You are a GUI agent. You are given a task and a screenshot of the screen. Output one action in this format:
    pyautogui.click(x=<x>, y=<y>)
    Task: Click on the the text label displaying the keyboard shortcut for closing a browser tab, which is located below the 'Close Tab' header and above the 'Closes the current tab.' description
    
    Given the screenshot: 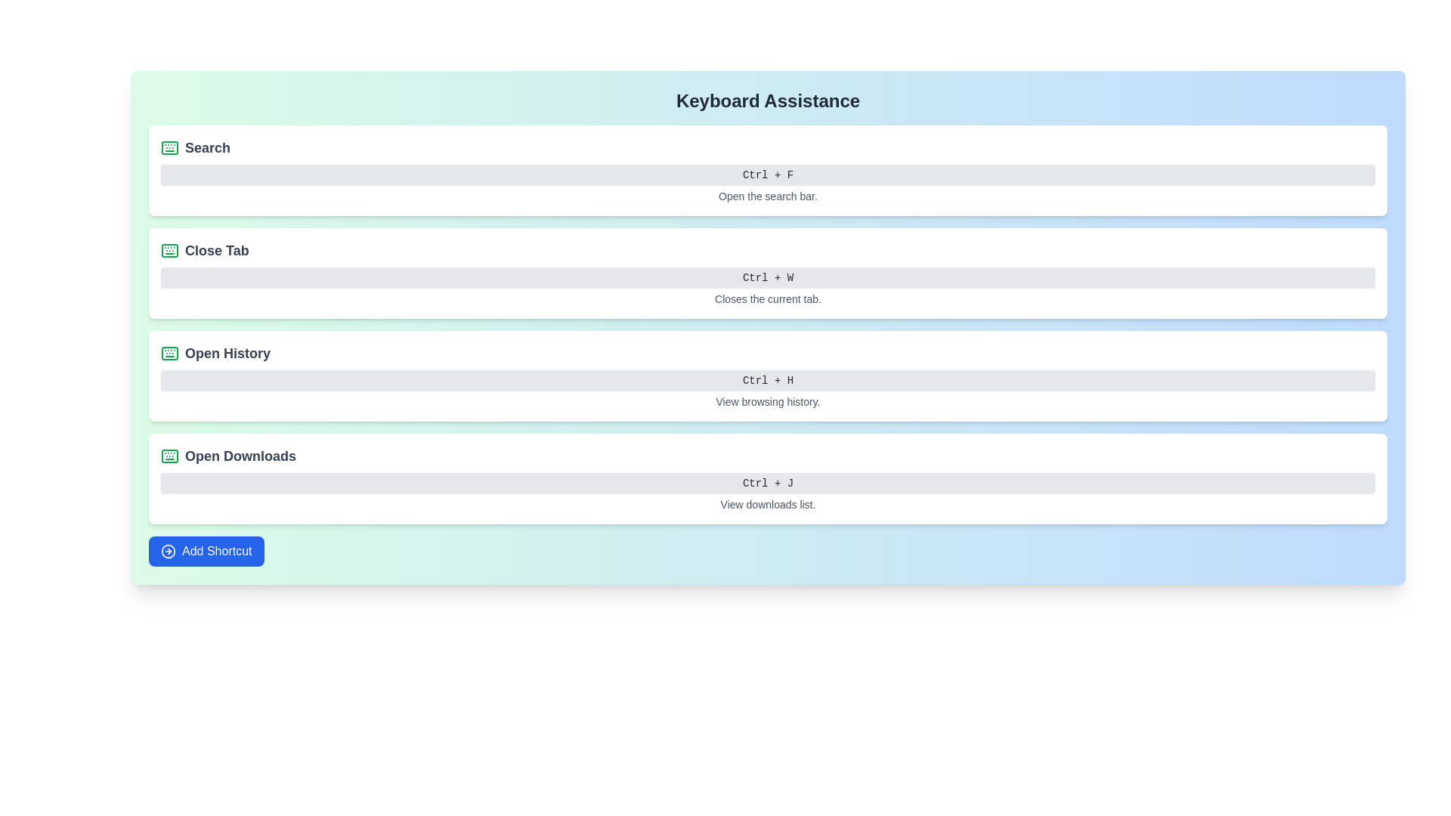 What is the action you would take?
    pyautogui.click(x=768, y=277)
    